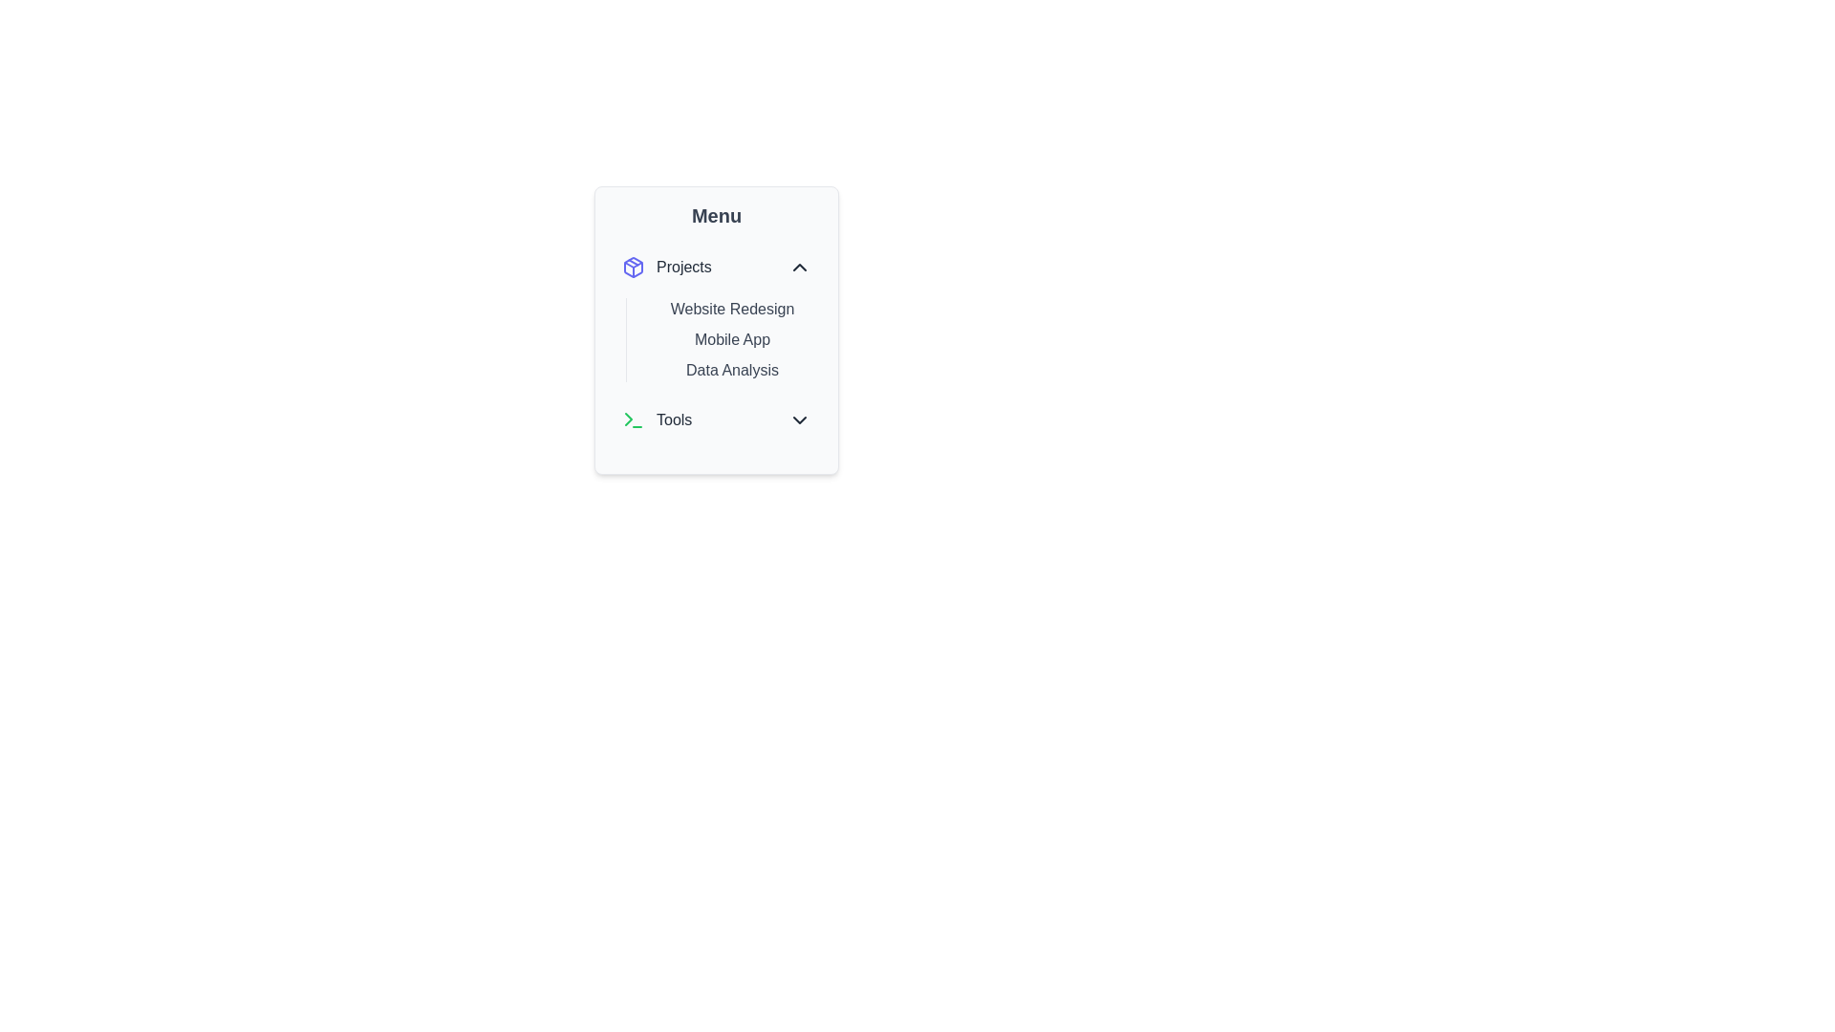 The height and width of the screenshot is (1032, 1835). What do you see at coordinates (799, 268) in the screenshot?
I see `the chevron-up icon located to the right of the 'Projects' label` at bounding box center [799, 268].